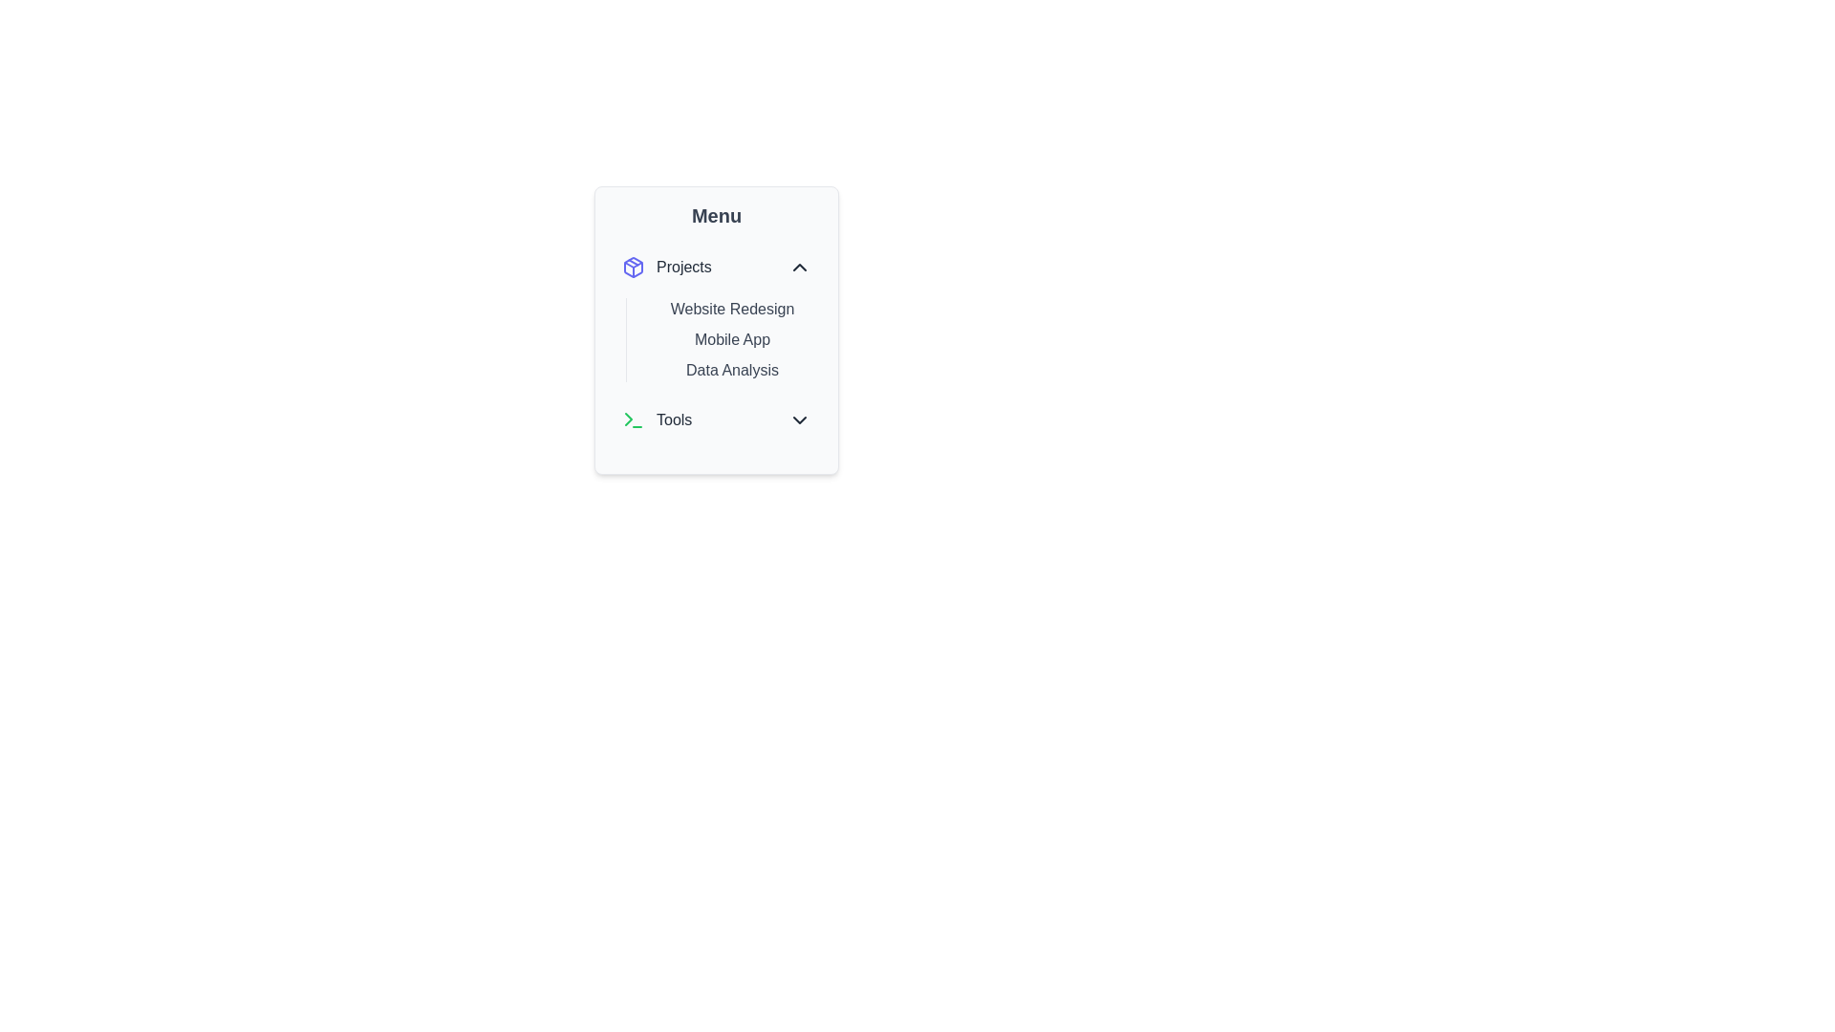 The height and width of the screenshot is (1032, 1835). What do you see at coordinates (799, 268) in the screenshot?
I see `the chevron-up icon located to the right of the 'Projects' label` at bounding box center [799, 268].